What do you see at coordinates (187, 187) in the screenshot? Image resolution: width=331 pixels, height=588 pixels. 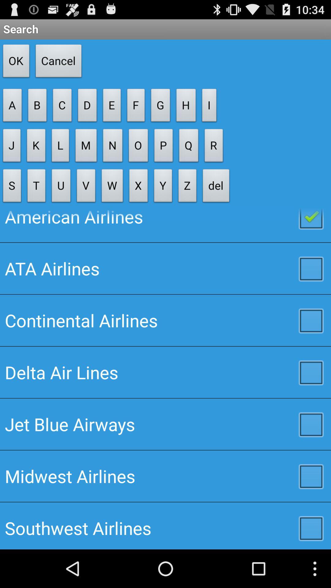 I see `item next to the p item` at bounding box center [187, 187].